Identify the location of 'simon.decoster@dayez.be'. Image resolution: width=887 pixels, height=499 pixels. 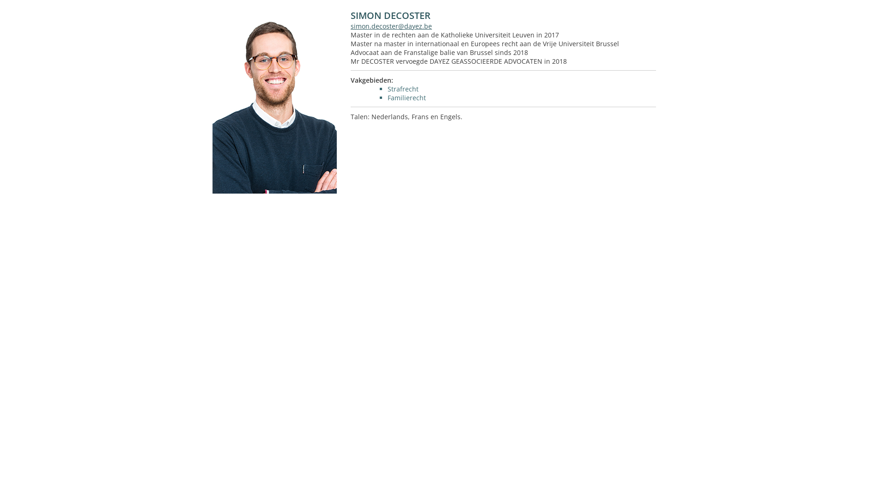
(391, 25).